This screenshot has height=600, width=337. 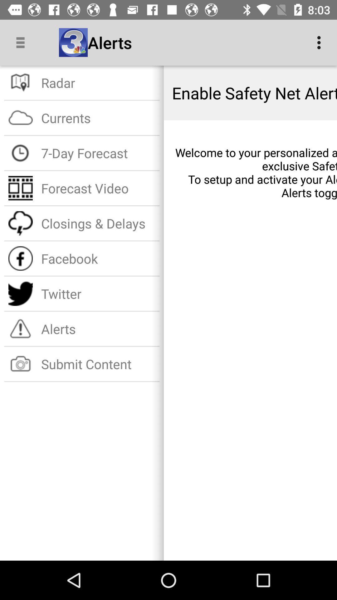 What do you see at coordinates (320, 42) in the screenshot?
I see `item above the enable safety net` at bounding box center [320, 42].